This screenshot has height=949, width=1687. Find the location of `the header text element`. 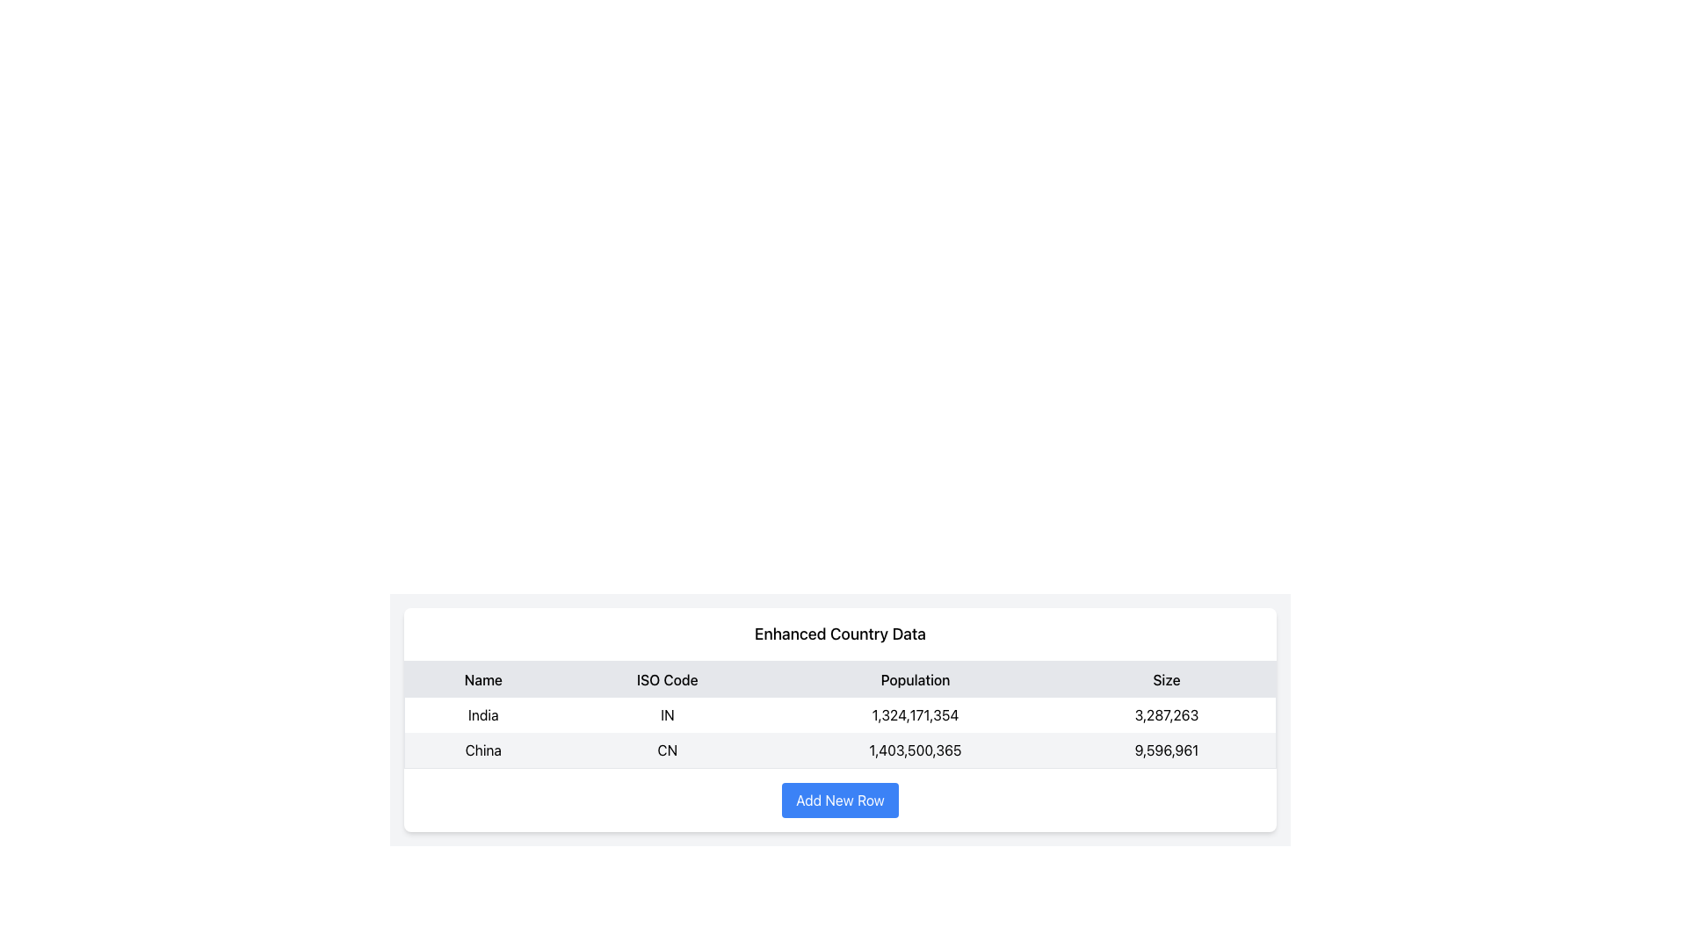

the header text element is located at coordinates (483, 678).